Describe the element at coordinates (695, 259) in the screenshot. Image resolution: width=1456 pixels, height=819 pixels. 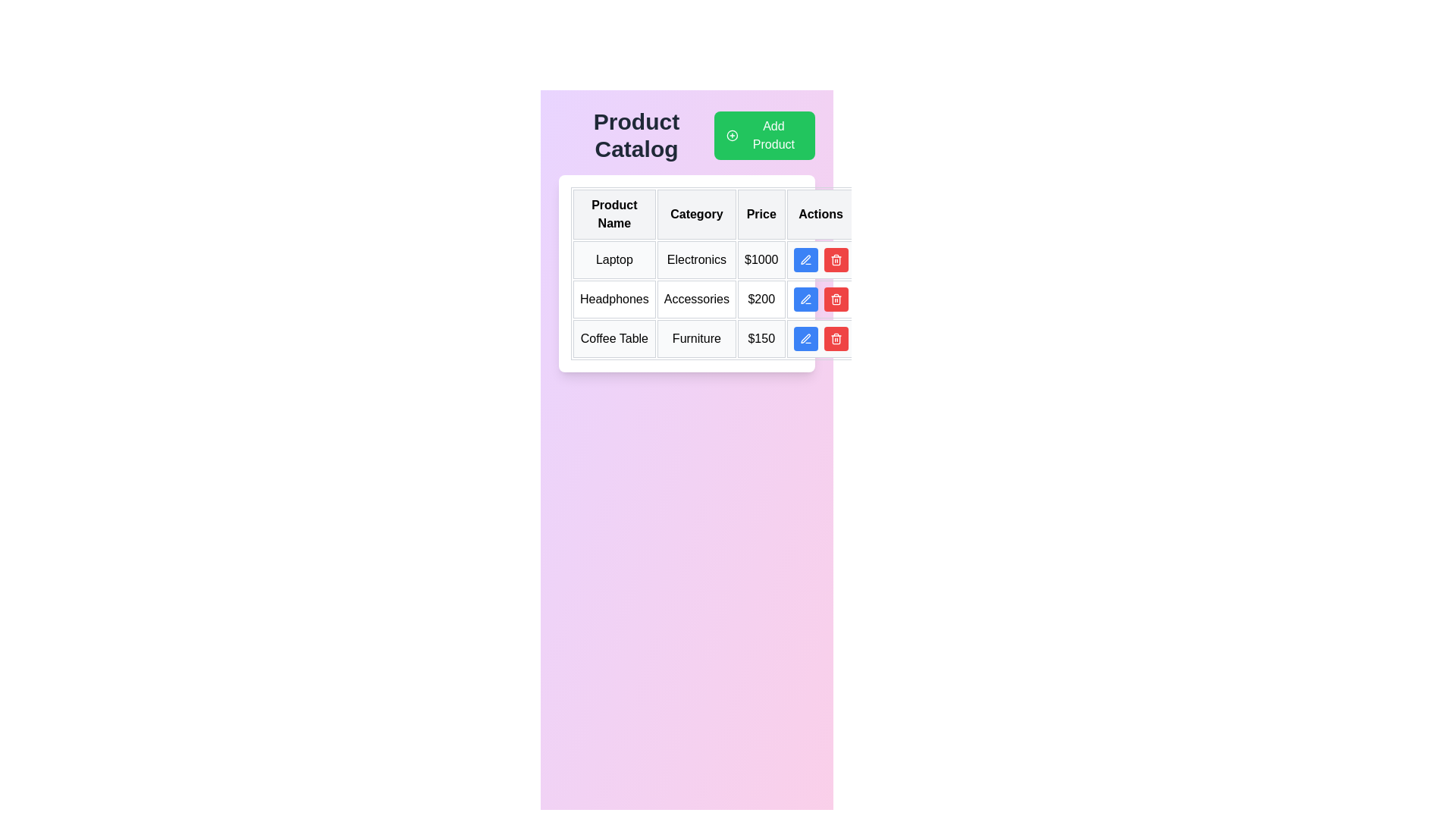
I see `the table cell` at that location.